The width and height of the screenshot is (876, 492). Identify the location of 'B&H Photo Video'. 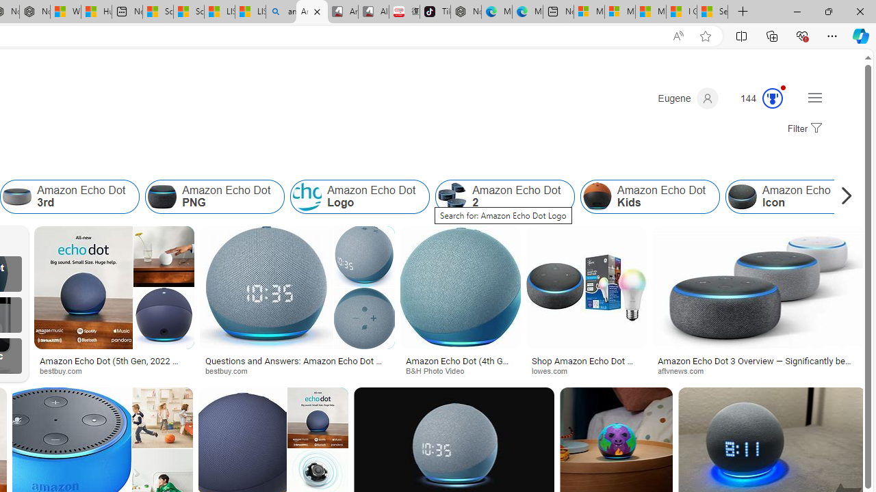
(439, 370).